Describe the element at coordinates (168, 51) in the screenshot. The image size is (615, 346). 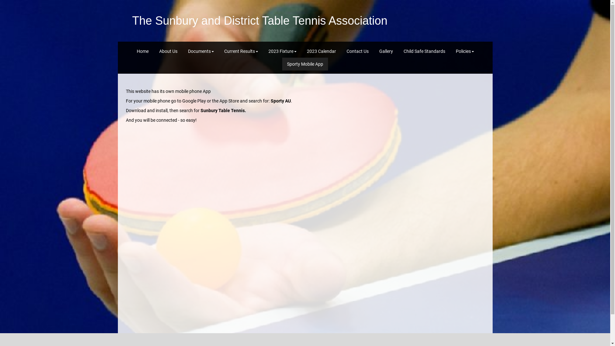
I see `'About Us'` at that location.